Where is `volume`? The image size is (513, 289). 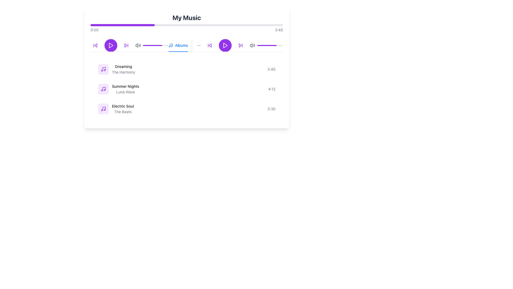 volume is located at coordinates (277, 45).